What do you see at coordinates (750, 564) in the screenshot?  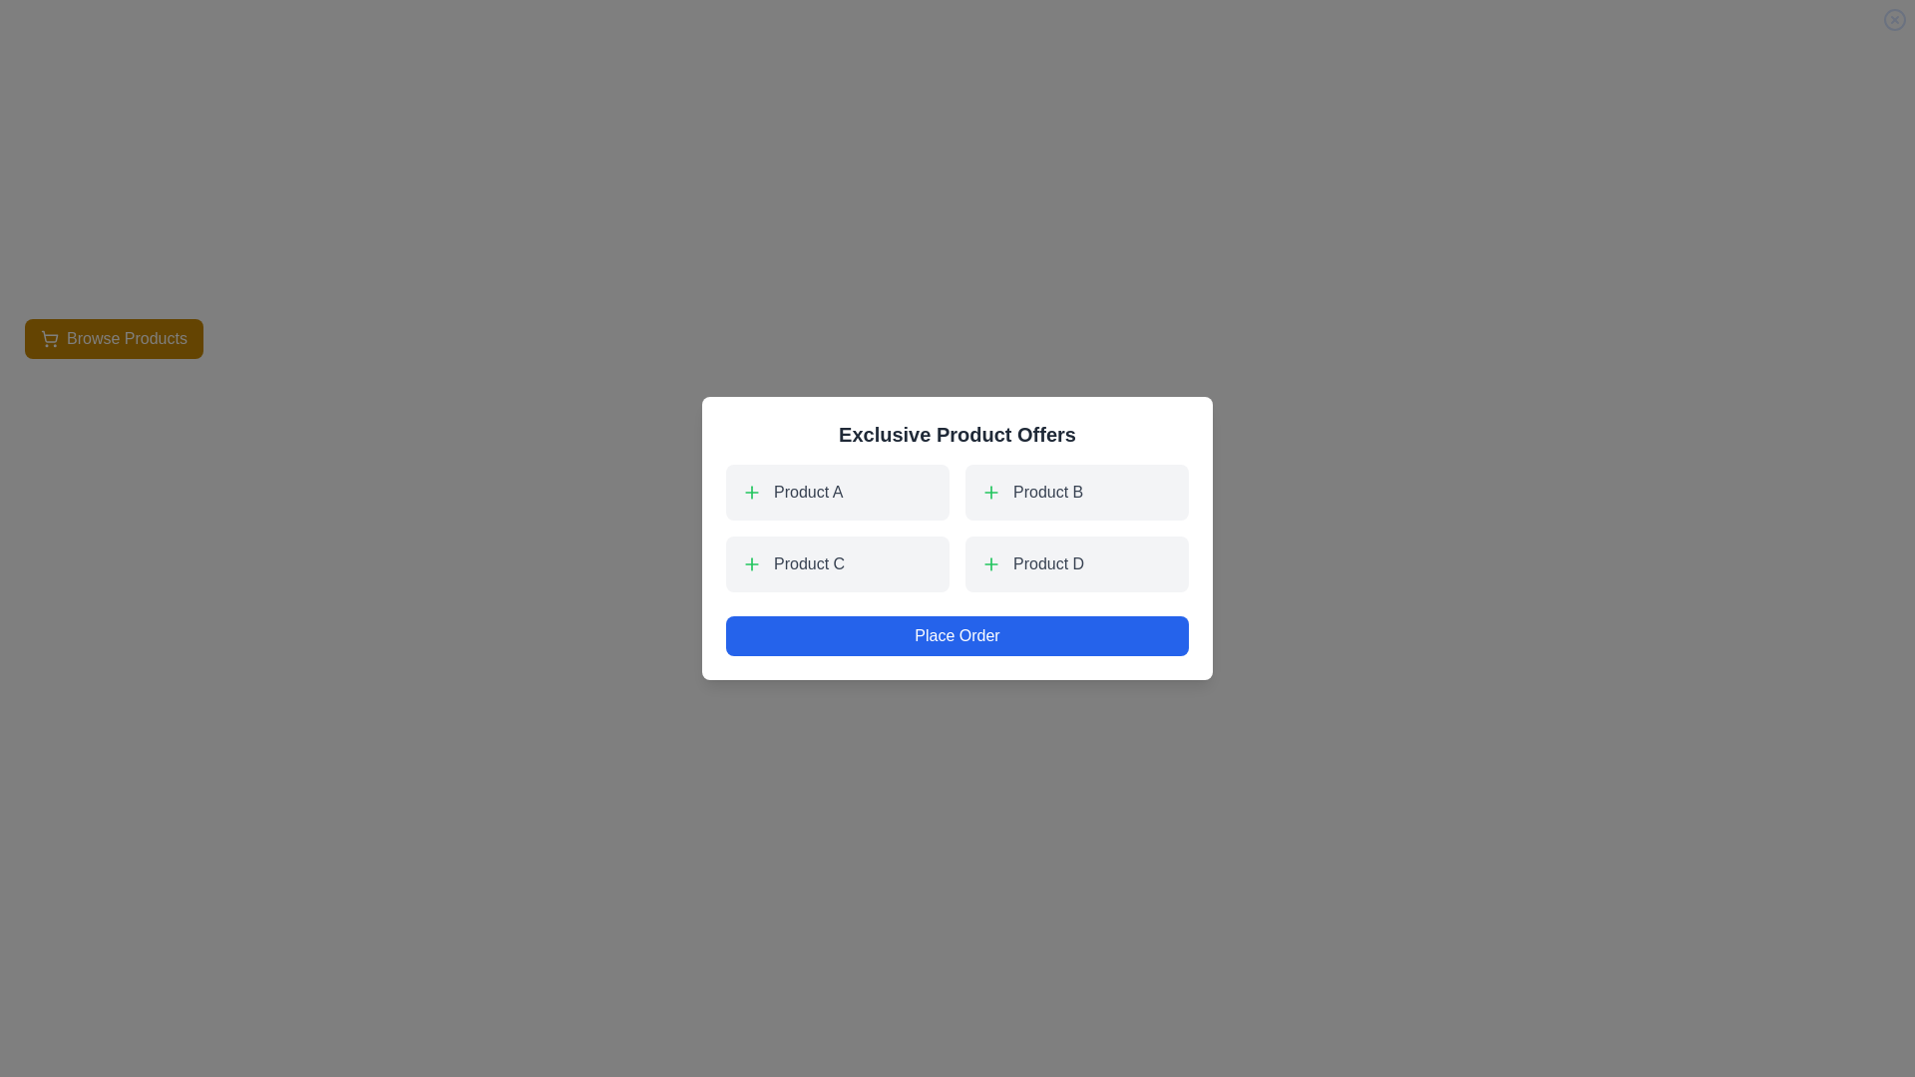 I see `the add button icon for 'Product C', located in the lower-left quadrant of the central modal` at bounding box center [750, 564].